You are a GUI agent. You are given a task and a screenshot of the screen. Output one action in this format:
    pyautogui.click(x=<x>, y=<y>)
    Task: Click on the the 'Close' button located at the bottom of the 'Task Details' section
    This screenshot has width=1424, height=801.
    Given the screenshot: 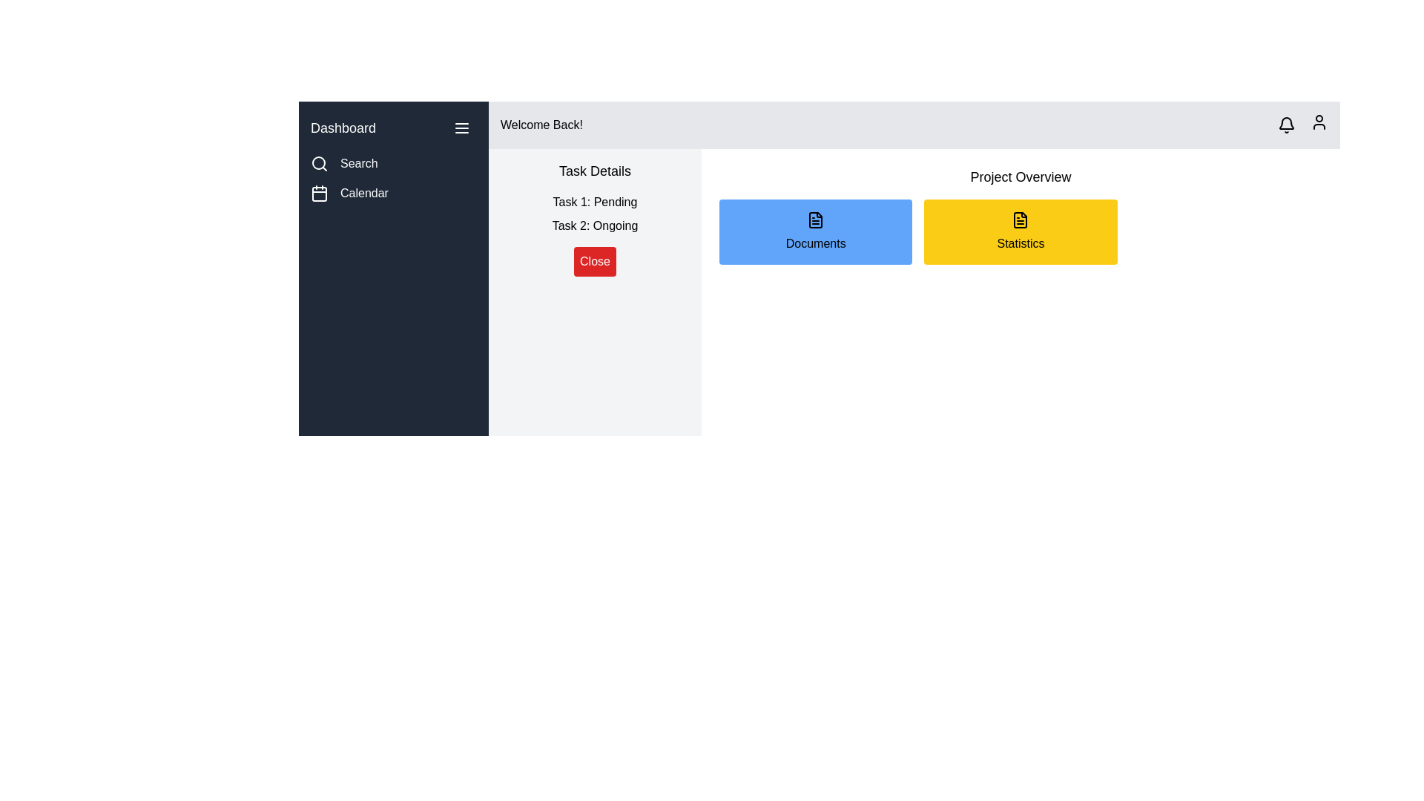 What is the action you would take?
    pyautogui.click(x=595, y=261)
    